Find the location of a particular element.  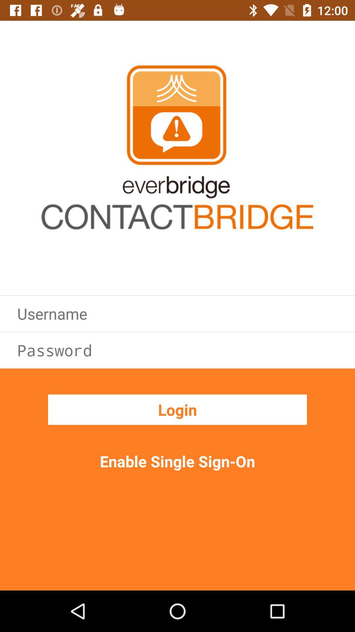

enable single sign item is located at coordinates (177, 461).